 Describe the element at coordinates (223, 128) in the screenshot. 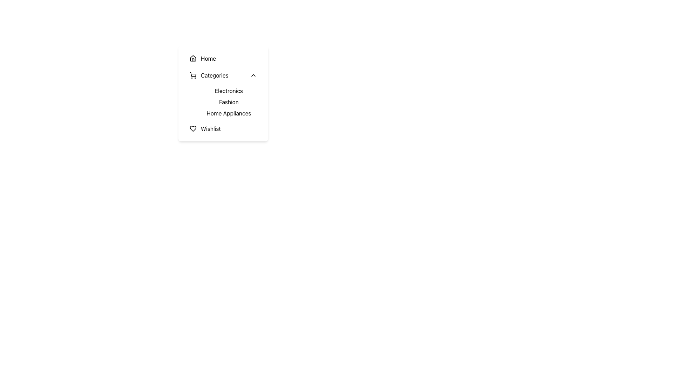

I see `the 'Wishlist' menu item, which is the last item in a vertical list of menu items, including 'Home', 'Categories', 'Electronics', 'Fashion', and 'Home Appliances'` at that location.